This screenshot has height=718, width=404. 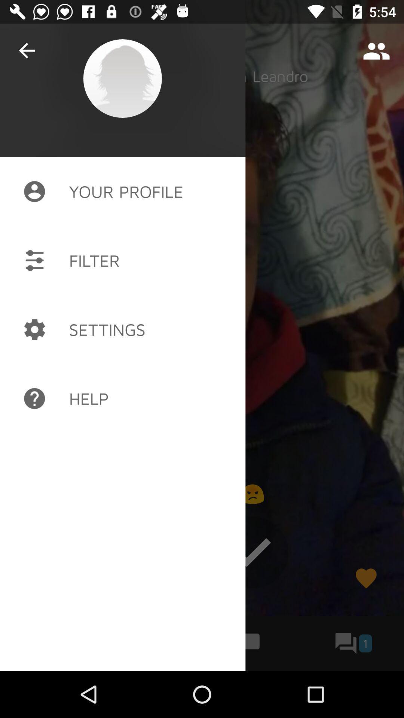 I want to click on the favorite icon, so click(x=365, y=578).